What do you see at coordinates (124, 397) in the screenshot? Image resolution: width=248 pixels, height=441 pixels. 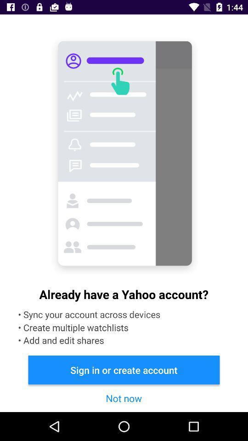 I see `not now item` at bounding box center [124, 397].